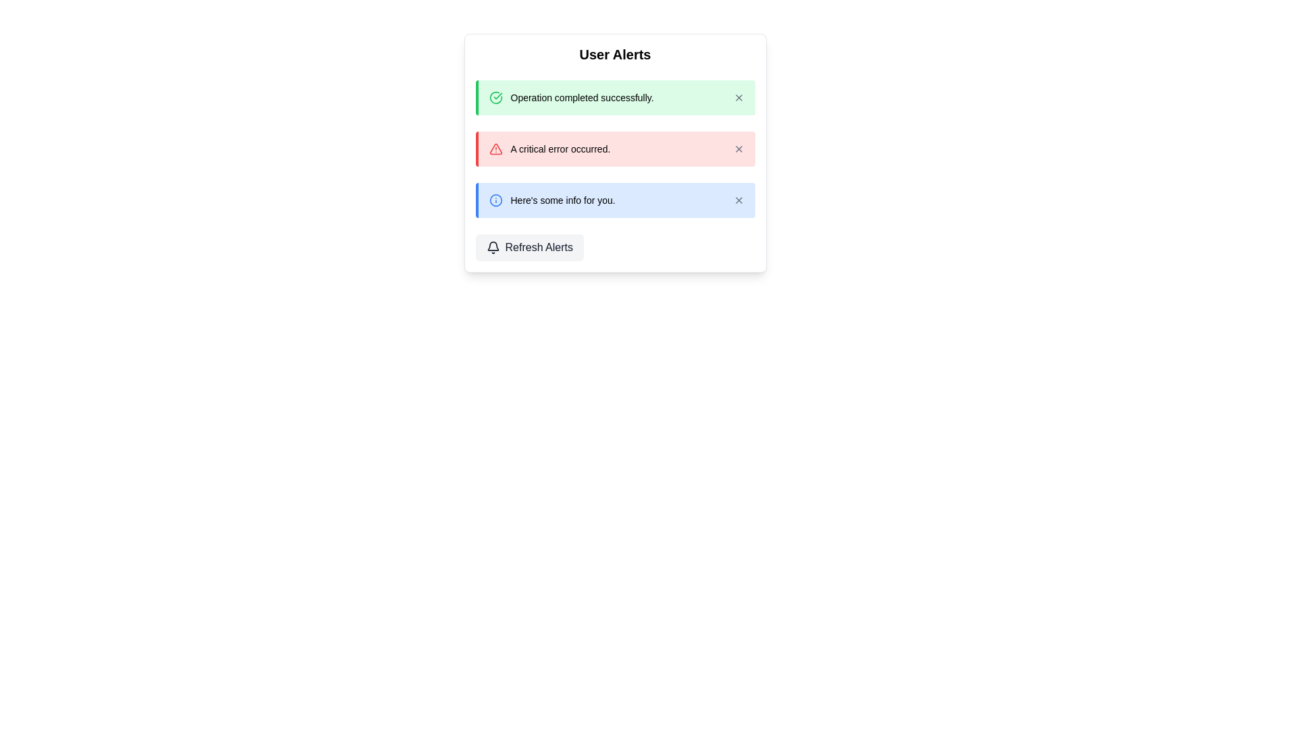  I want to click on the green circular icon with a checkmark in the center, located to the left of the text 'Operation completed successfully.' in the top notification row of the alert panel for visual feedback, so click(495, 97).